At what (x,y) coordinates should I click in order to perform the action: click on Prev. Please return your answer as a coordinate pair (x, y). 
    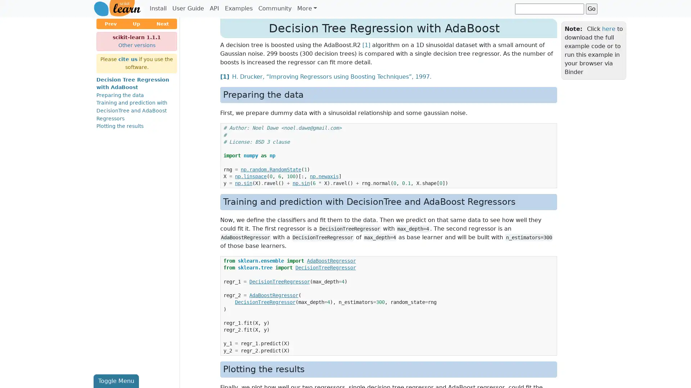
    Looking at the image, I should click on (110, 23).